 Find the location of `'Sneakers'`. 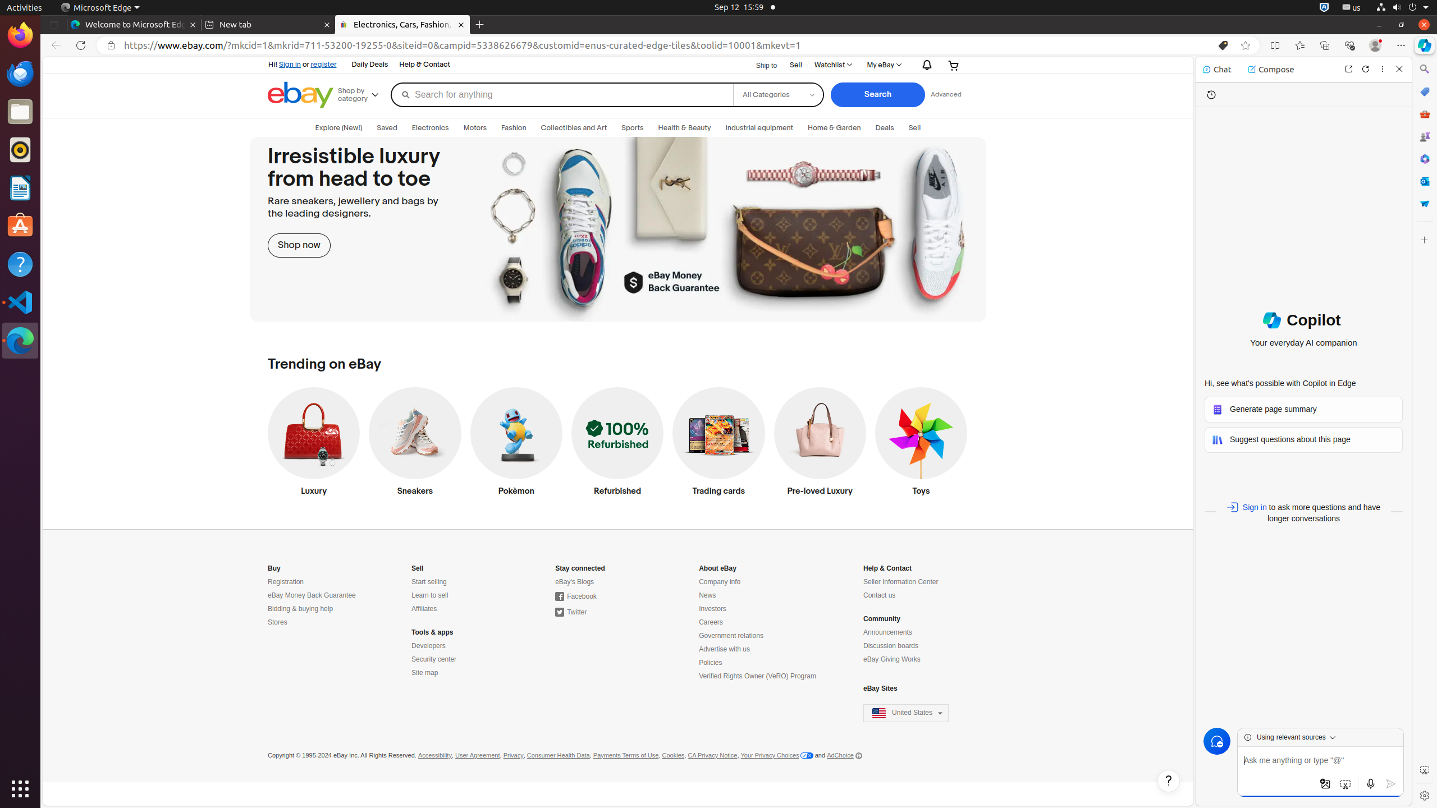

'Sneakers' is located at coordinates (414, 444).